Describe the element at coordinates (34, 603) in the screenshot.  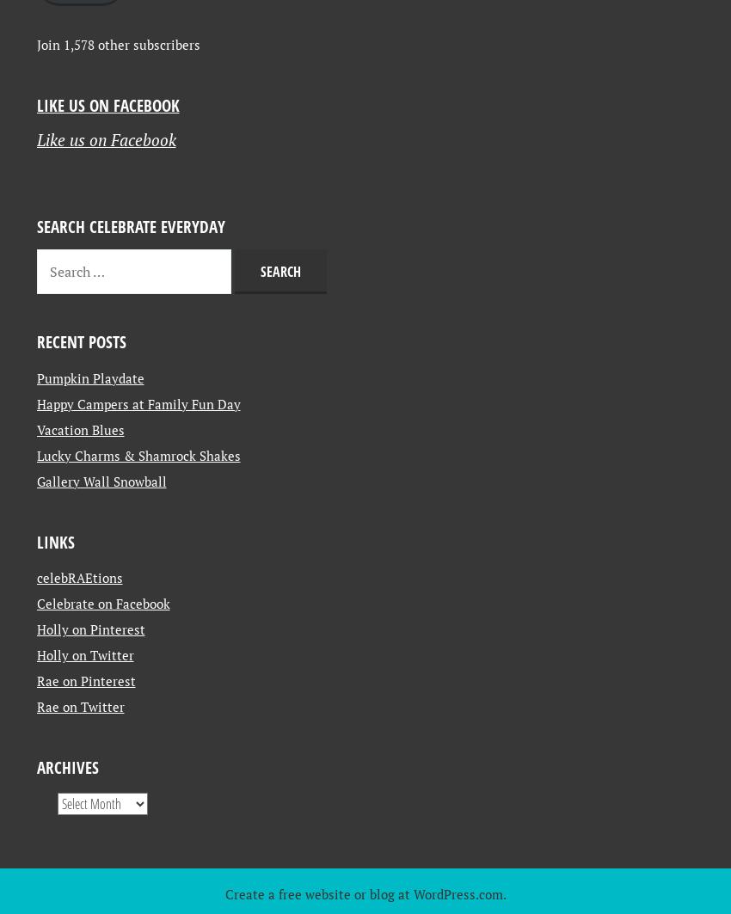
I see `'Lucky Charms & Shamrock Shakes'` at that location.